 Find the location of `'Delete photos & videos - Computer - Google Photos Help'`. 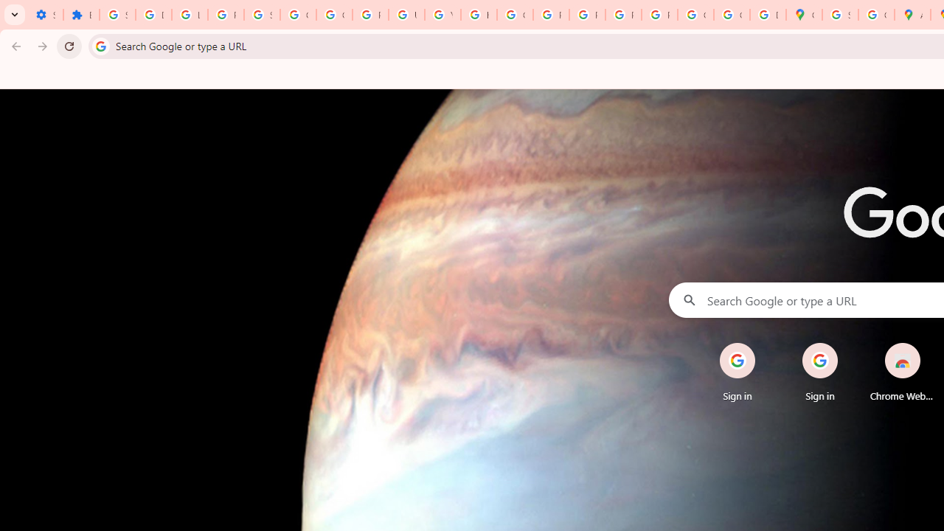

'Delete photos & videos - Computer - Google Photos Help' is located at coordinates (153, 15).